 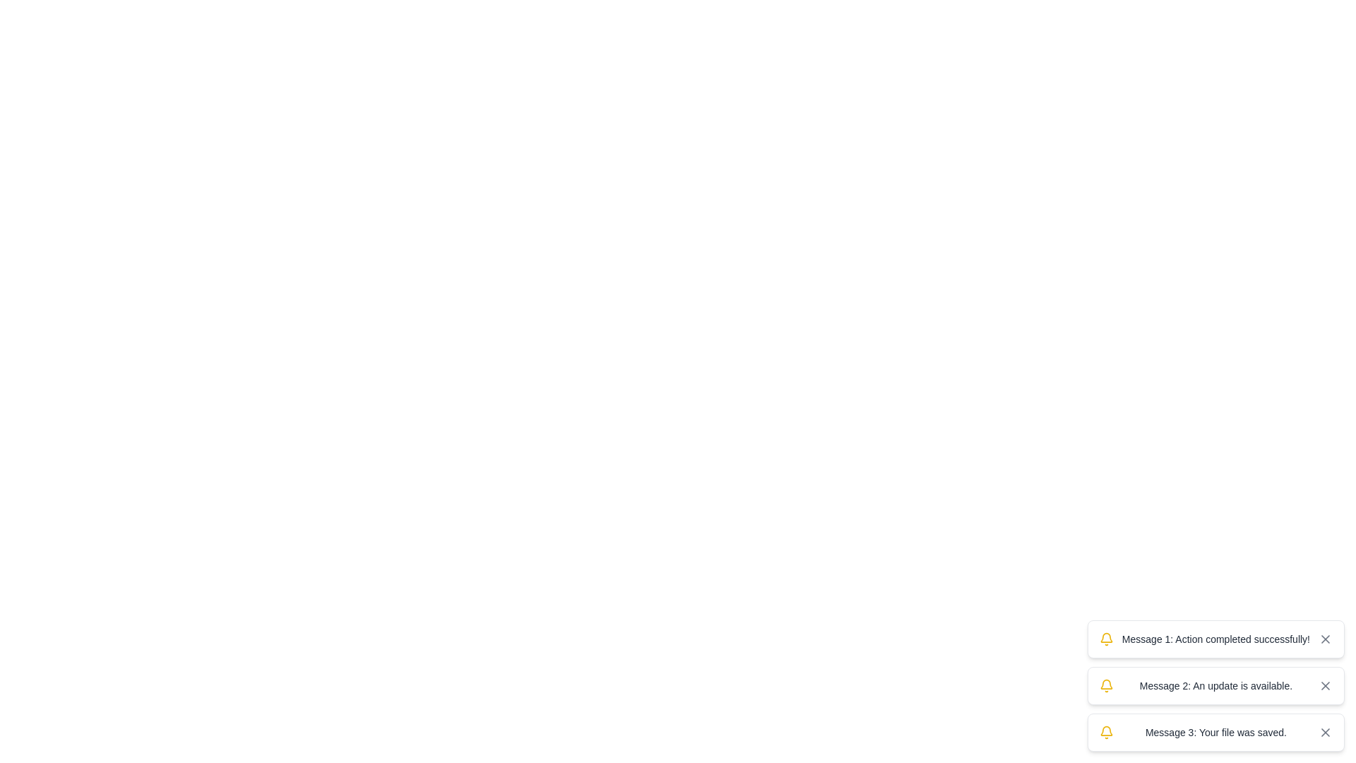 I want to click on the close button located on the far right side of the message box labeled 'Message 2: An update is available.', so click(x=1324, y=685).